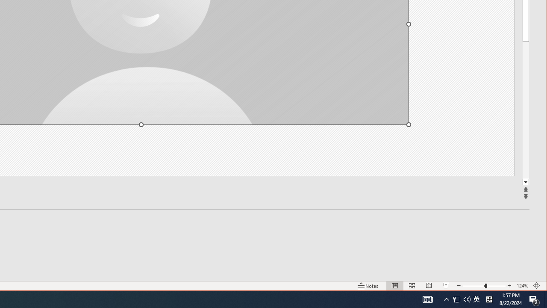 The width and height of the screenshot is (547, 308). Describe the element at coordinates (525, 182) in the screenshot. I see `'Line down'` at that location.